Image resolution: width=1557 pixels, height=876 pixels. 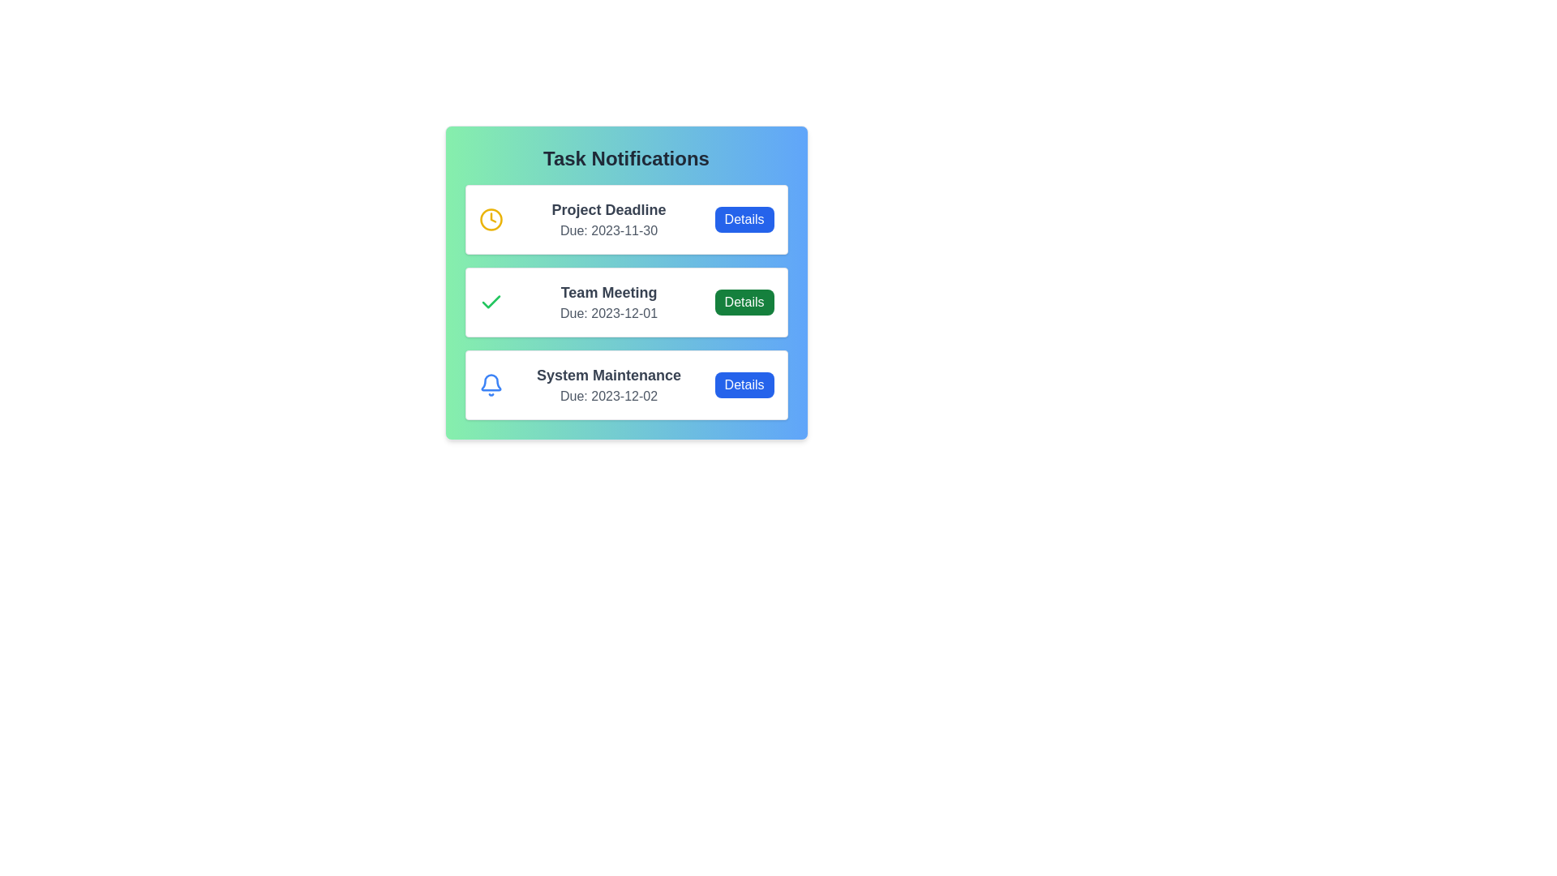 I want to click on the 'Details' button for the task 'System Maintenance', so click(x=744, y=384).